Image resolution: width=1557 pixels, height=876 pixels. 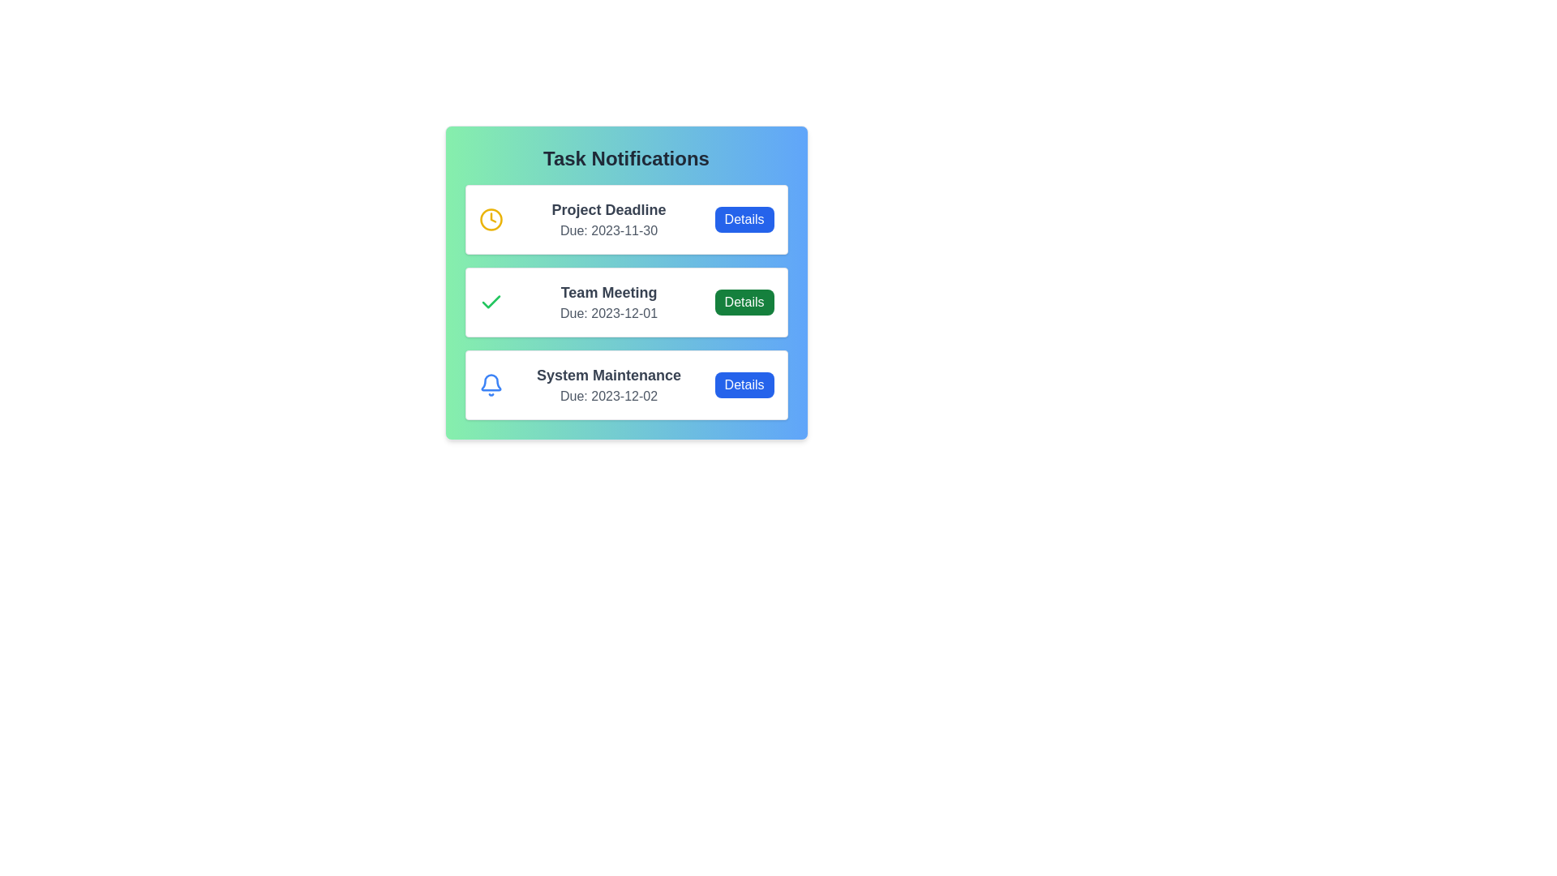 I want to click on the 'Details' button for the task 'System Maintenance', so click(x=744, y=384).